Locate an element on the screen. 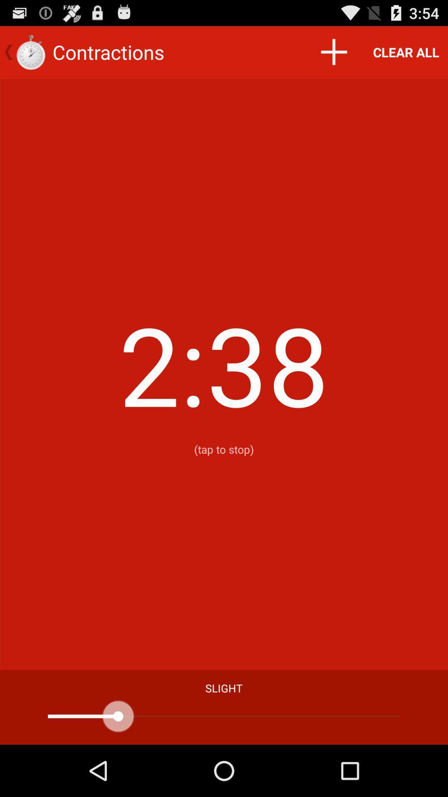 The image size is (448, 797). the clear all item is located at coordinates (406, 51).